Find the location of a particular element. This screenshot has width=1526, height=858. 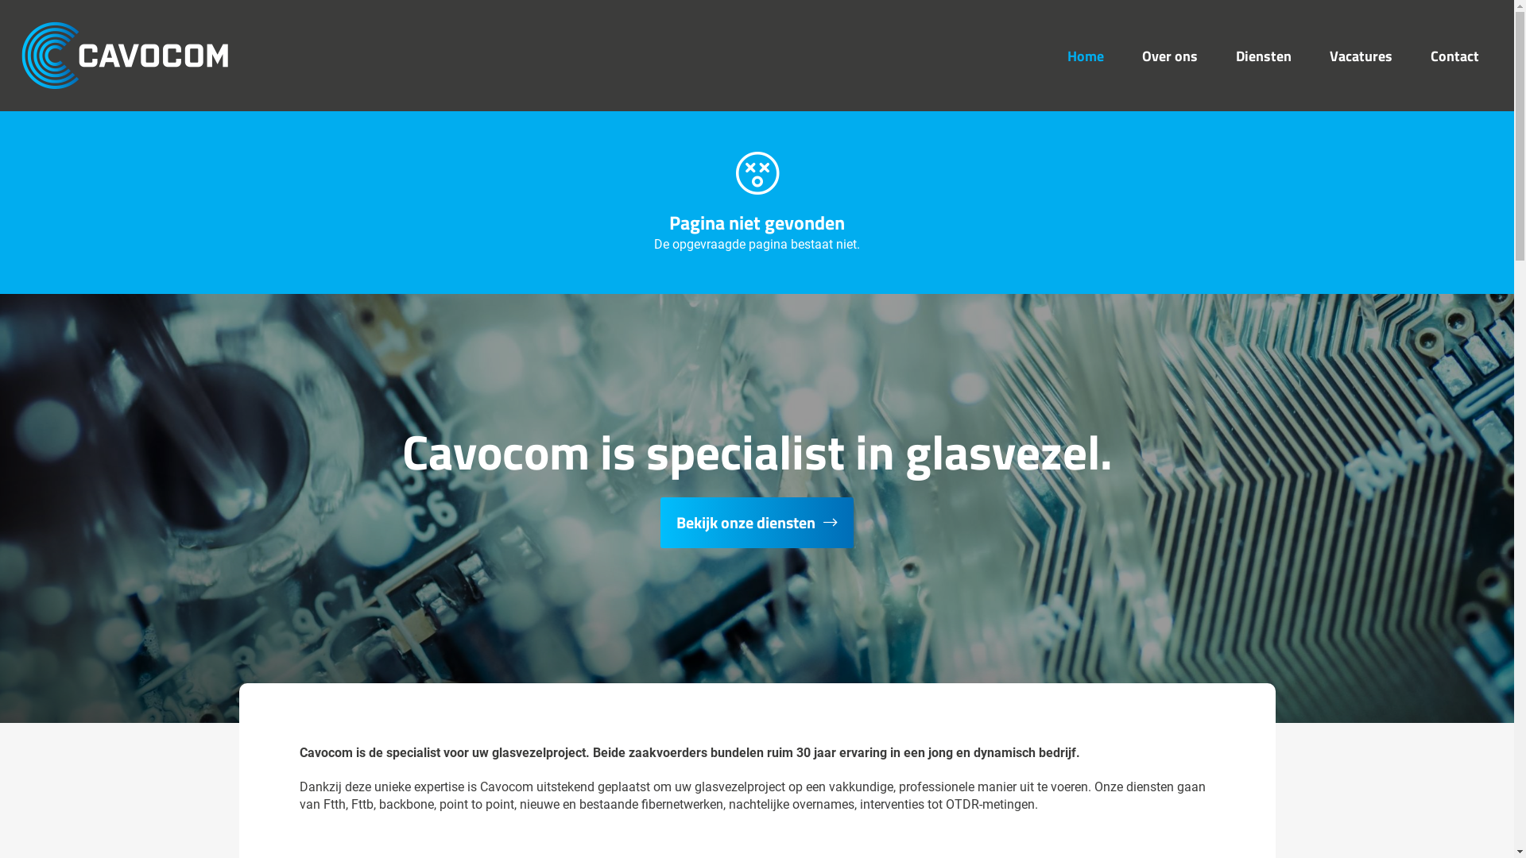

'Vacatures' is located at coordinates (1360, 54).